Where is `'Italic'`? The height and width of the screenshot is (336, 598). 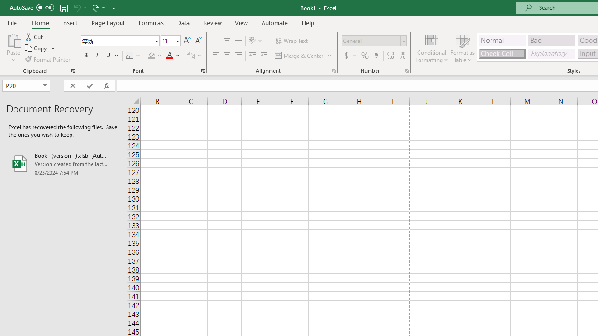 'Italic' is located at coordinates (97, 56).